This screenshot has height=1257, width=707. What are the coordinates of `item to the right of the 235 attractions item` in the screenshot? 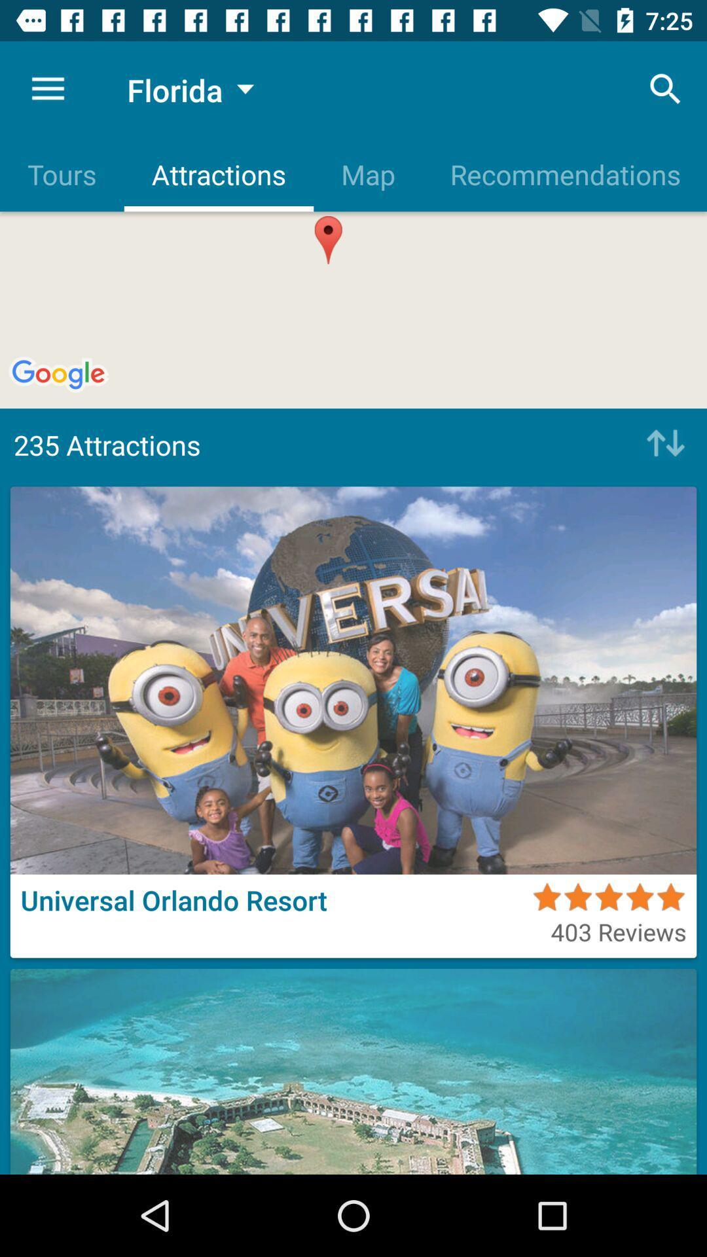 It's located at (662, 445).